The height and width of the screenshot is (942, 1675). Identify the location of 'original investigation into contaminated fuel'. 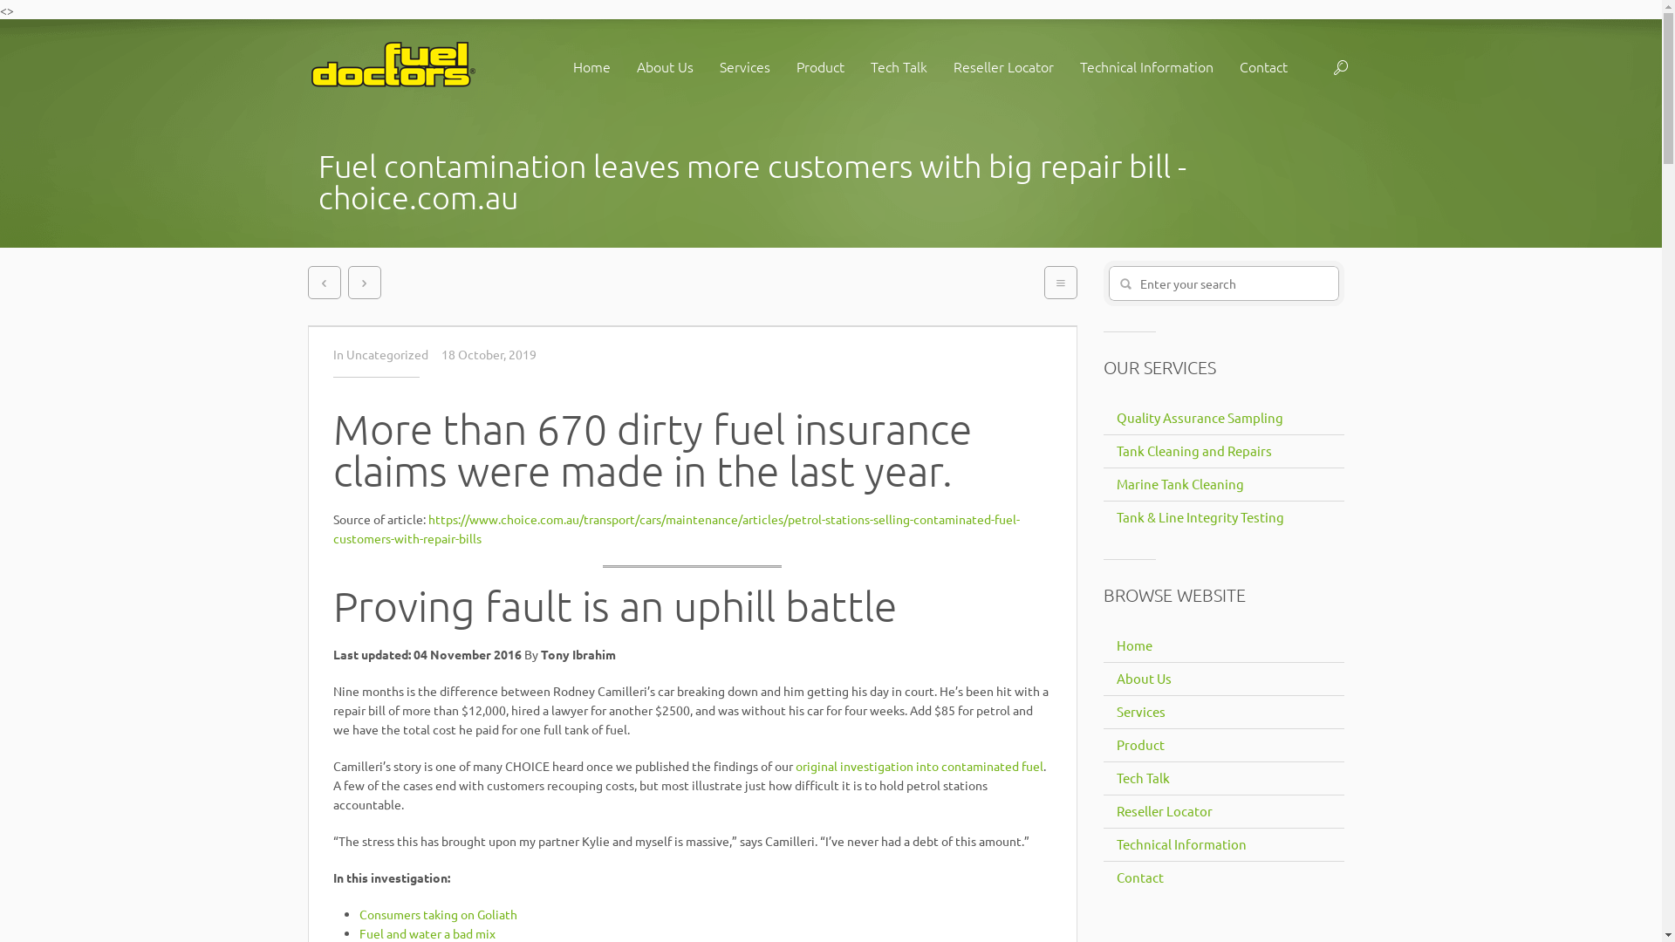
(919, 765).